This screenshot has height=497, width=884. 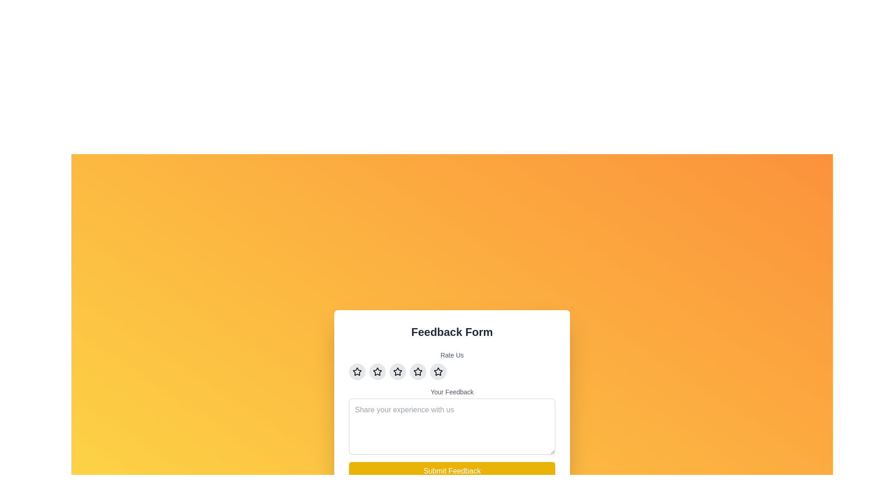 I want to click on the first rating star icon located above the 'Your Feedback' text area, so click(x=357, y=371).